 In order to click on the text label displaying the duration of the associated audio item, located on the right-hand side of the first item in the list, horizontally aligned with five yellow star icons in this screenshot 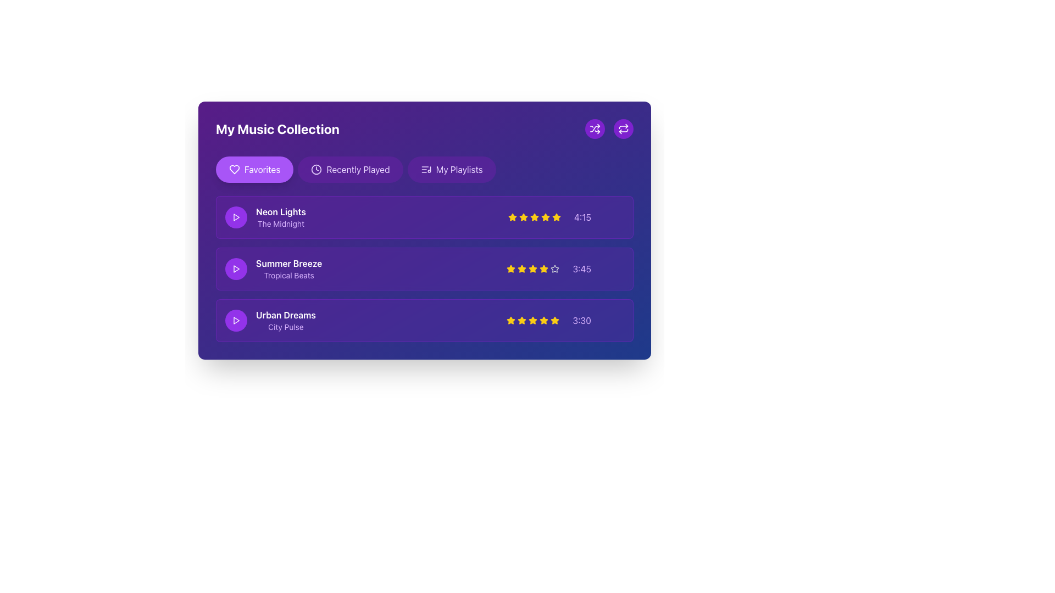, I will do `click(566, 217)`.